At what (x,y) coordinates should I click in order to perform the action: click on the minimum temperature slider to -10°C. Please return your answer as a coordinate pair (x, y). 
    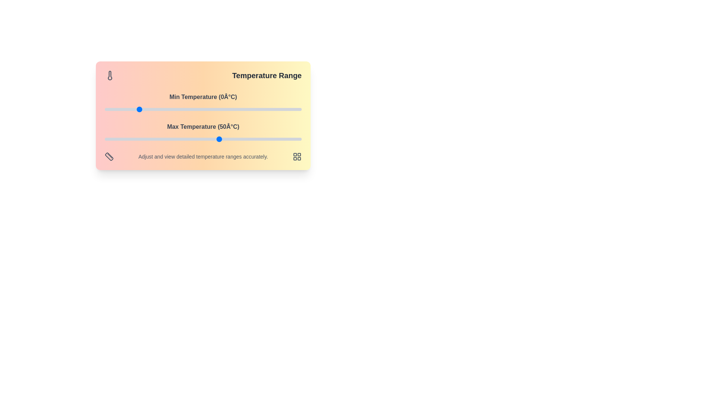
    Looking at the image, I should click on (121, 109).